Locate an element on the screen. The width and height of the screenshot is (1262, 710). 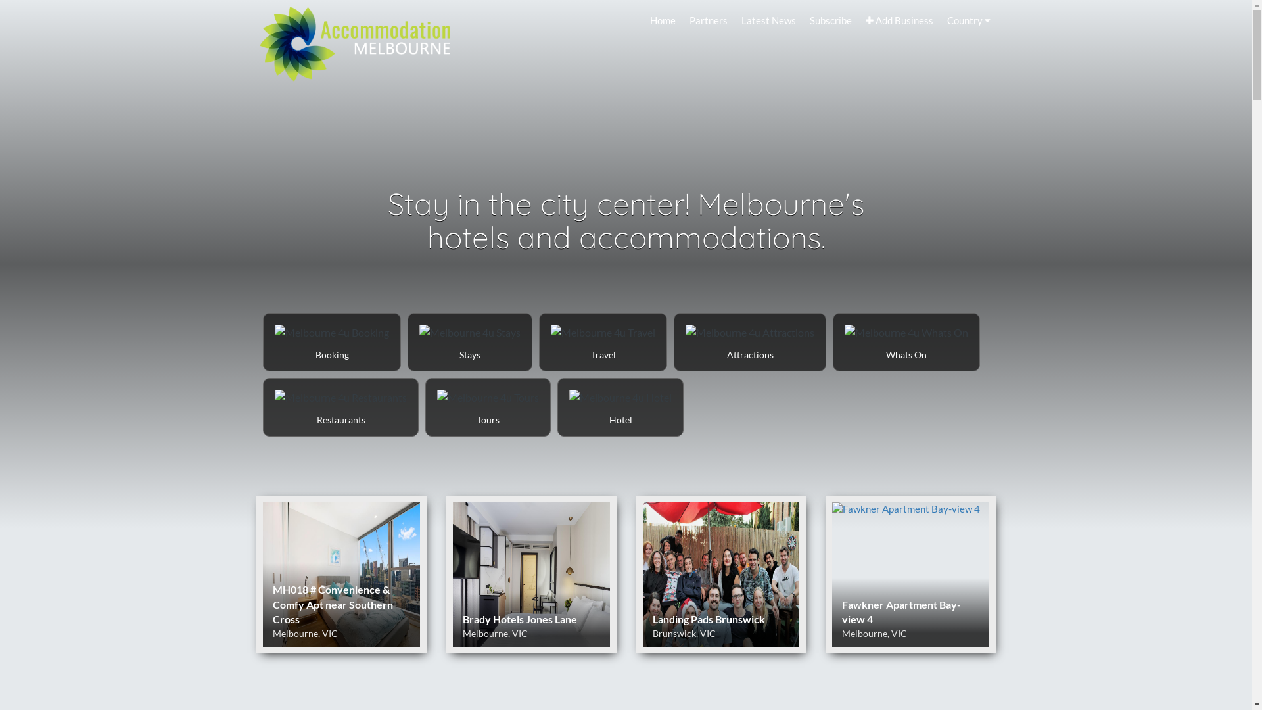
'Landing Pads Brunswick is located at coordinates (720, 574).